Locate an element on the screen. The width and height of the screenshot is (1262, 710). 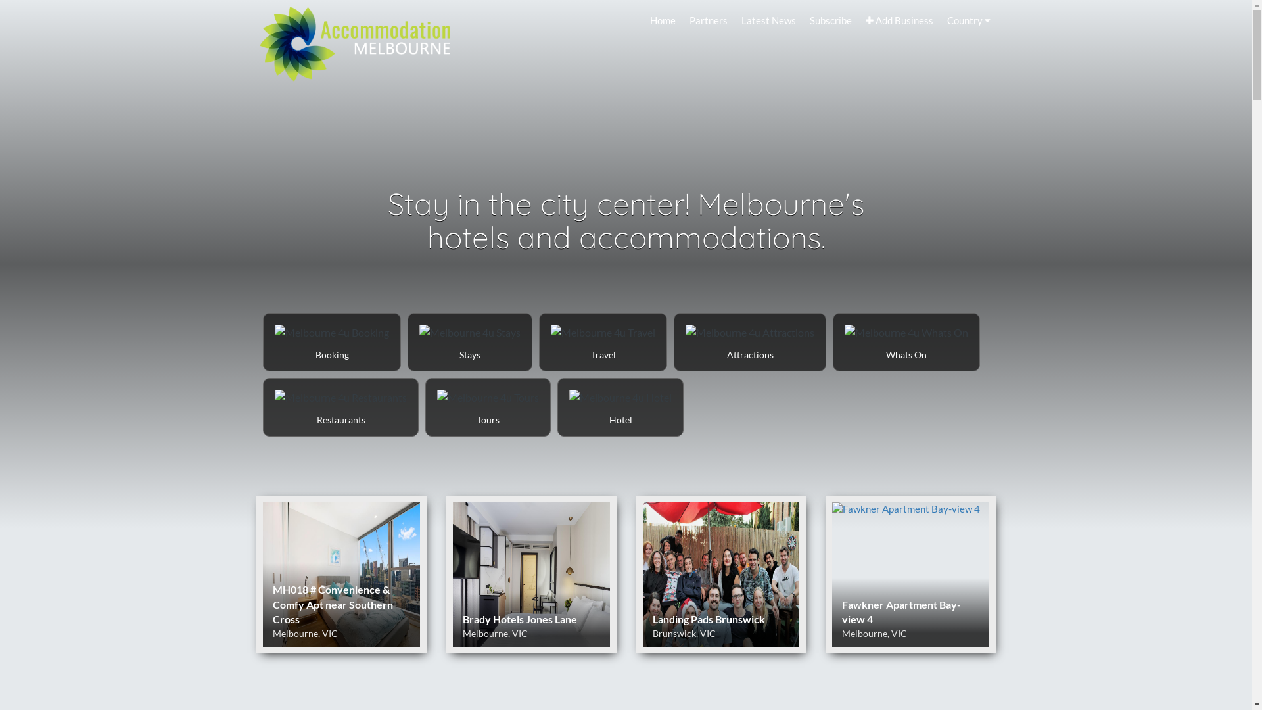
'Landing Pads Brunswick is located at coordinates (720, 574).